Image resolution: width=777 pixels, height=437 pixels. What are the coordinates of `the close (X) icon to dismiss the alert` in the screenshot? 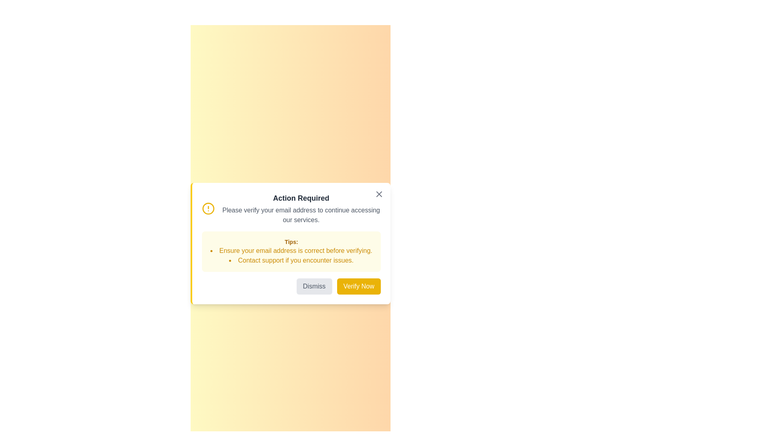 It's located at (378, 194).